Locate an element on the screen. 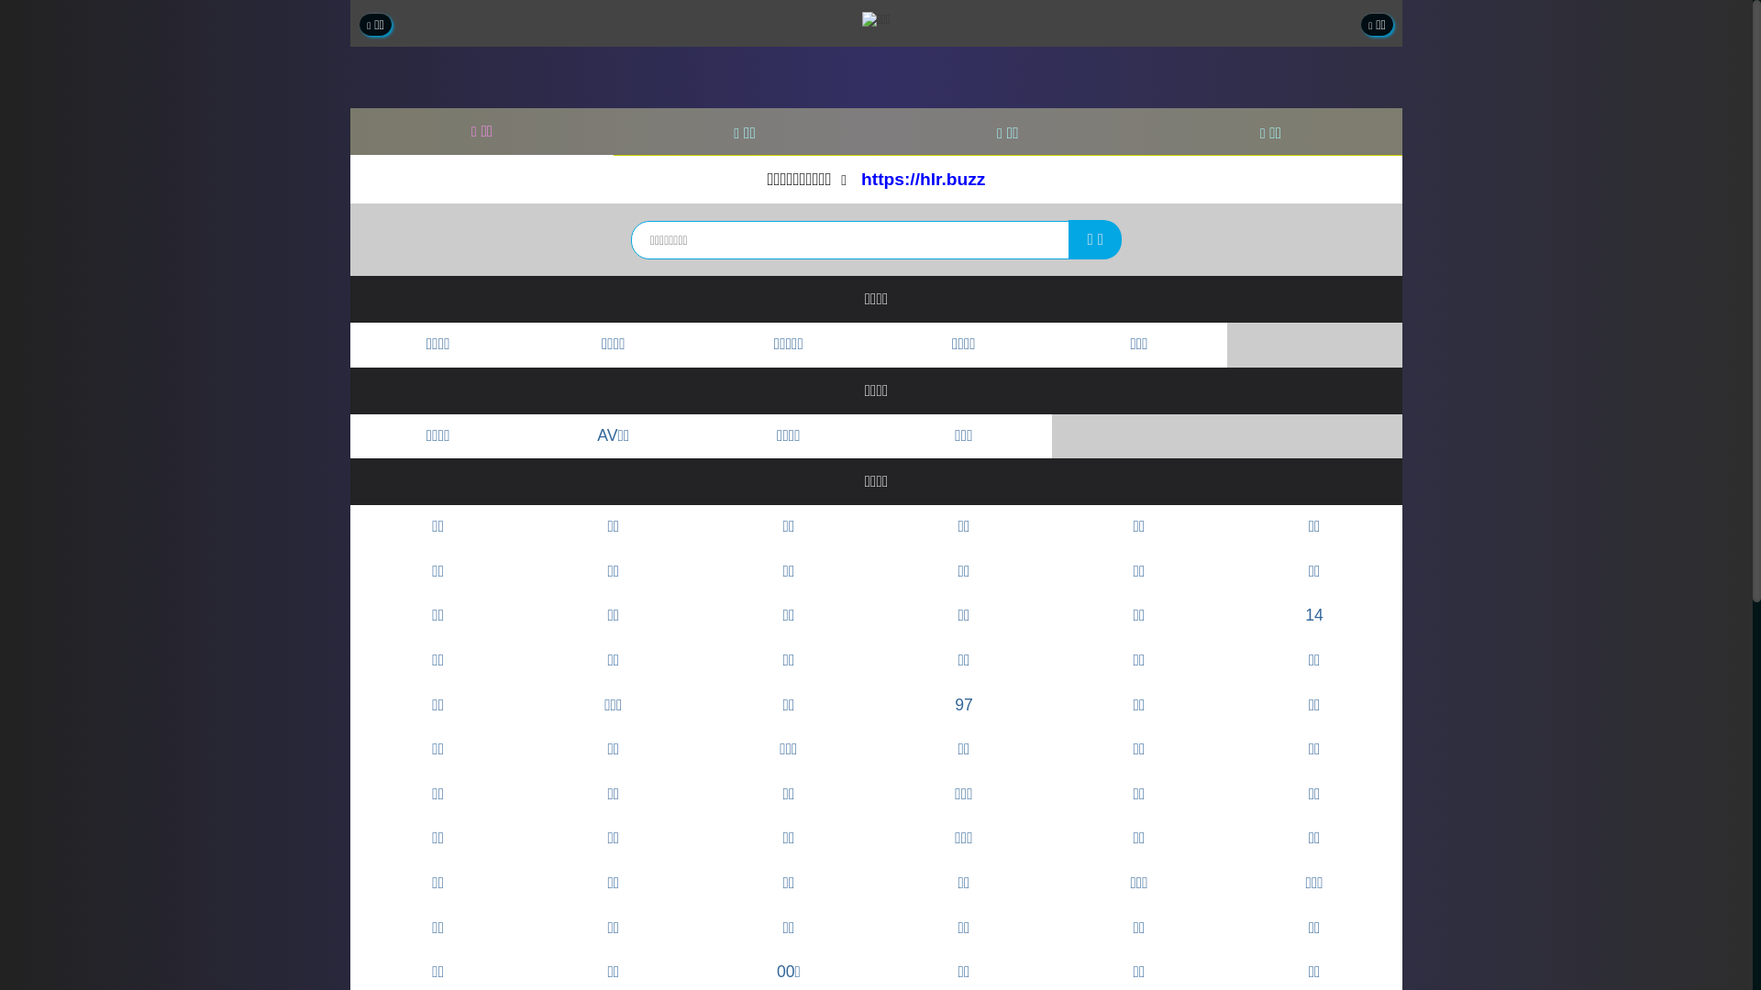 The image size is (1761, 990). '97' is located at coordinates (962, 705).